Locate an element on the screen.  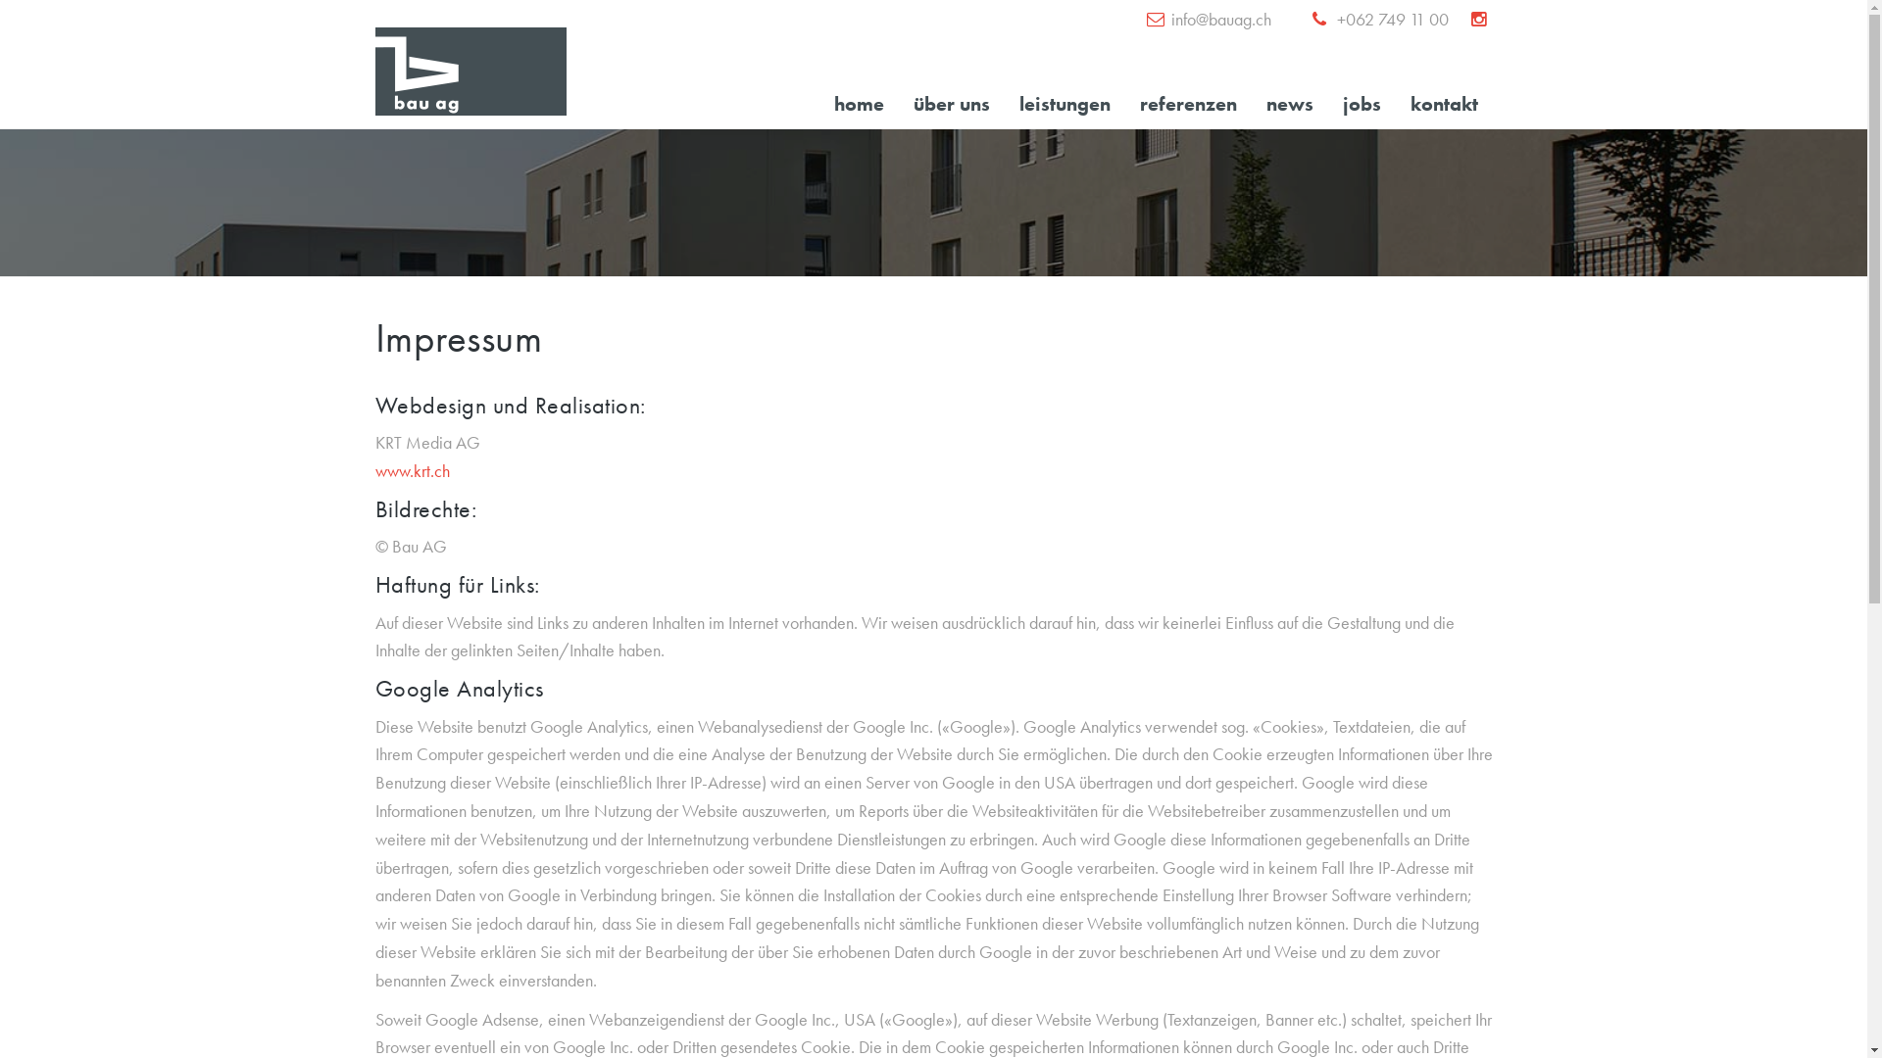
'home' is located at coordinates (859, 103).